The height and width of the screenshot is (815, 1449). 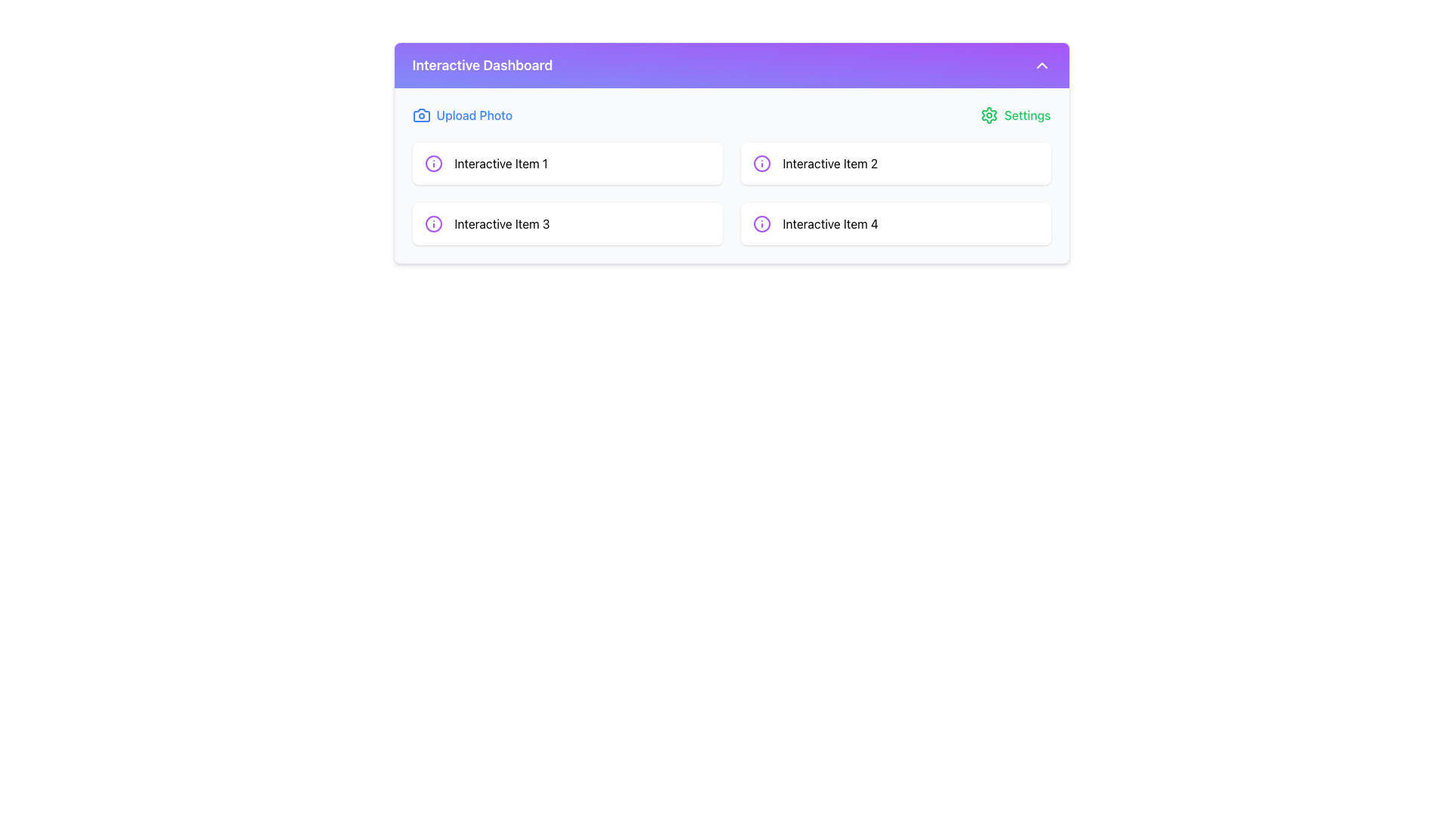 What do you see at coordinates (502, 224) in the screenshot?
I see `to select the item related to the text label displaying 'Interactive Item 3' located in the third row of the grid layout` at bounding box center [502, 224].